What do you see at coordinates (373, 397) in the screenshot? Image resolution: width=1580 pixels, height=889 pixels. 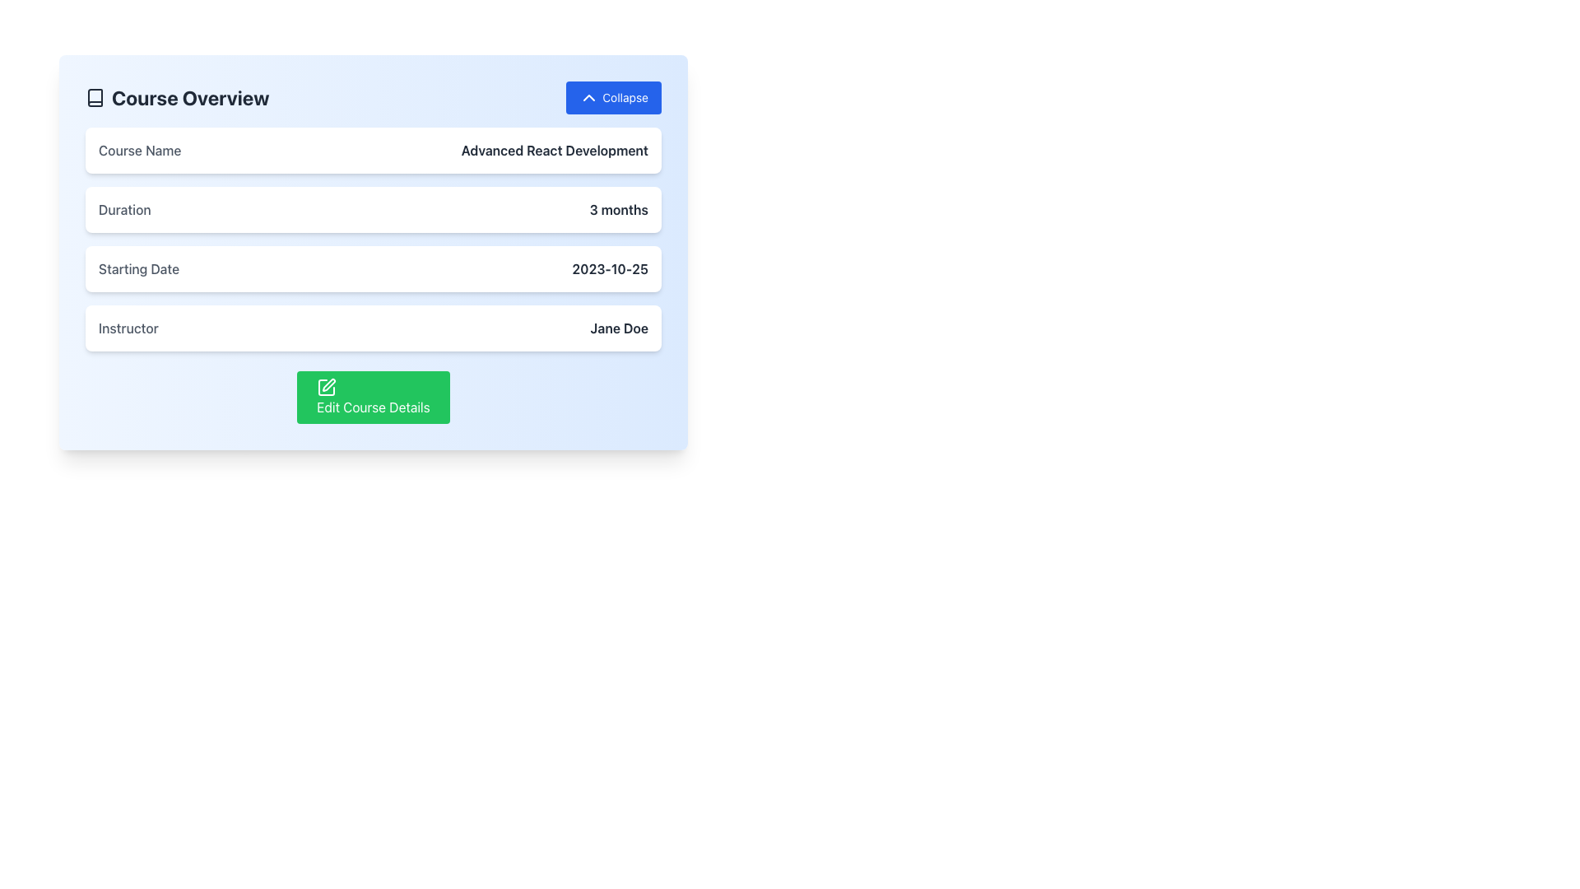 I see `the rectangular green button labeled 'Edit Course Details' to observe the hover effect` at bounding box center [373, 397].